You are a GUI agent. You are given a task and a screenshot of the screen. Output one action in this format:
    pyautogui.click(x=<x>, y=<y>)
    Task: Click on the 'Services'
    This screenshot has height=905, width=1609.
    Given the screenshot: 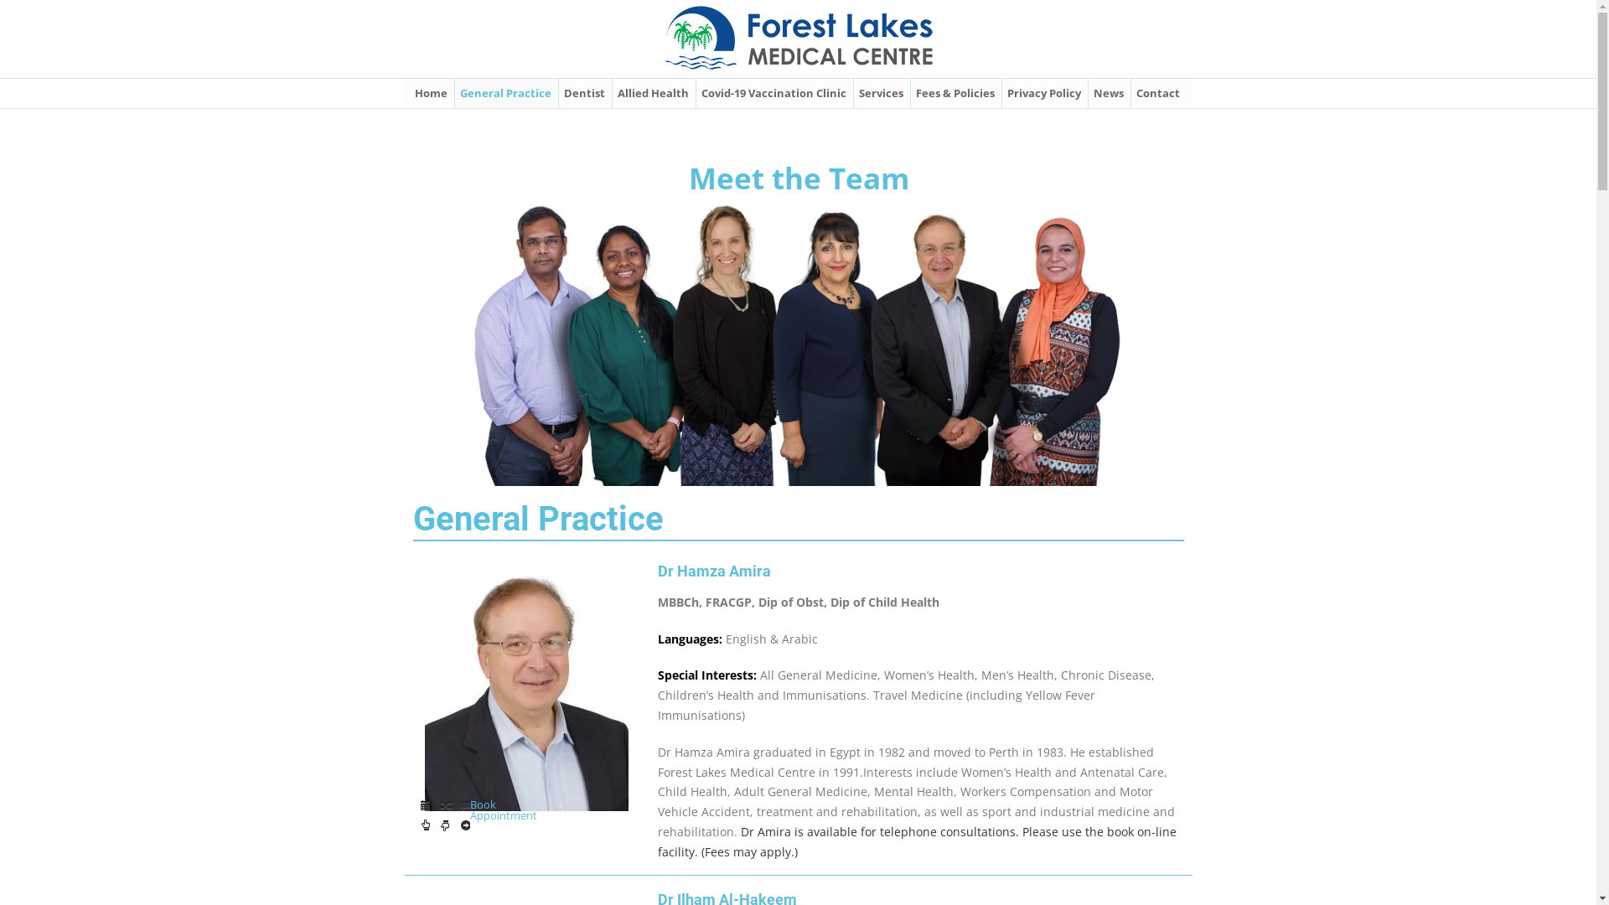 What is the action you would take?
    pyautogui.click(x=879, y=93)
    